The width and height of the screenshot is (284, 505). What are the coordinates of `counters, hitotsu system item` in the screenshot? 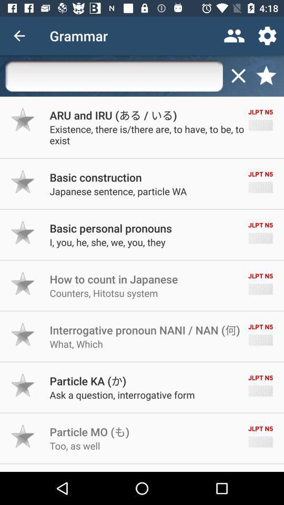 It's located at (104, 293).